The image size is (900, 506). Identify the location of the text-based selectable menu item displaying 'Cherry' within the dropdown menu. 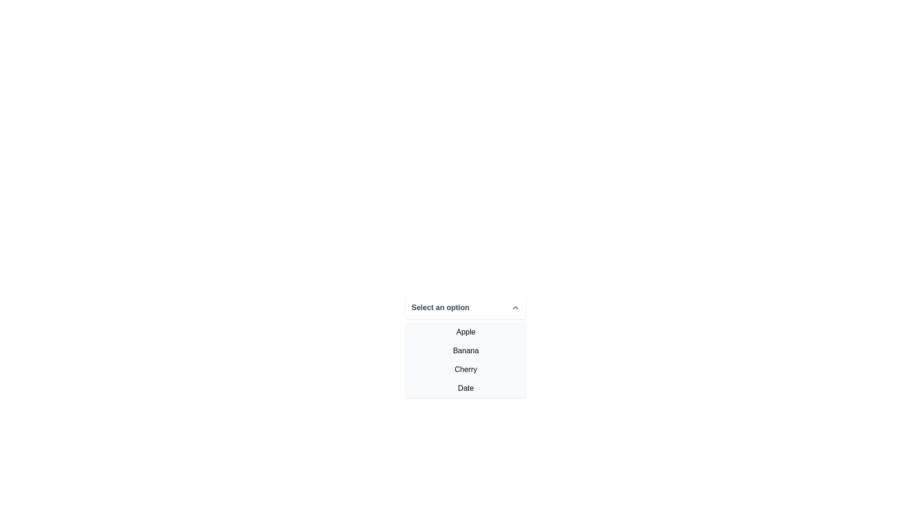
(465, 369).